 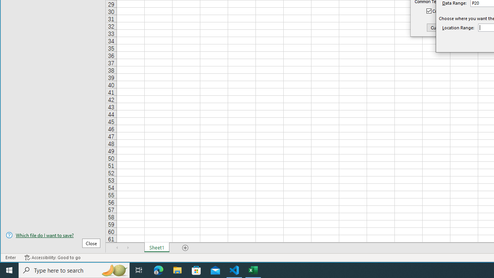 What do you see at coordinates (234, 270) in the screenshot?
I see `'Visual Studio Code - 1 running window'` at bounding box center [234, 270].